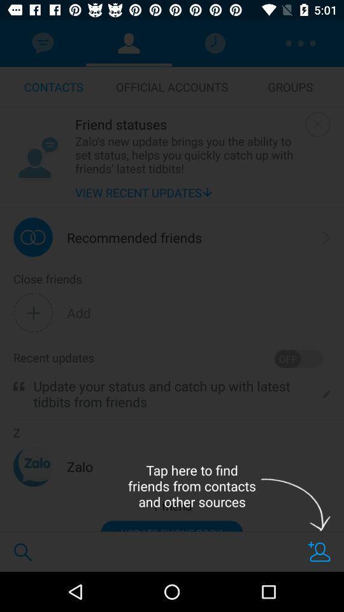  What do you see at coordinates (187, 154) in the screenshot?
I see `item below friend statuses item` at bounding box center [187, 154].